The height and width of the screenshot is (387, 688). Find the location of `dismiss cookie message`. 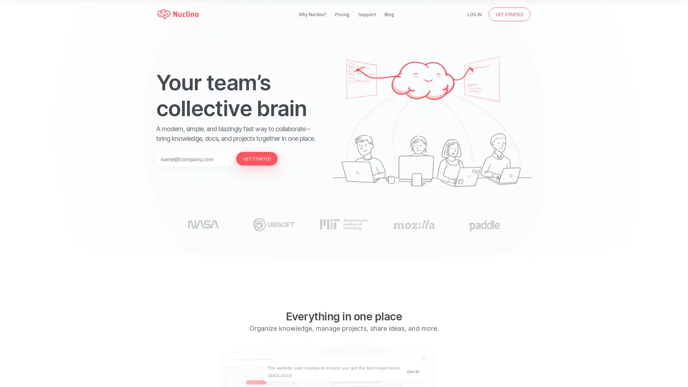

dismiss cookie message is located at coordinates (414, 371).